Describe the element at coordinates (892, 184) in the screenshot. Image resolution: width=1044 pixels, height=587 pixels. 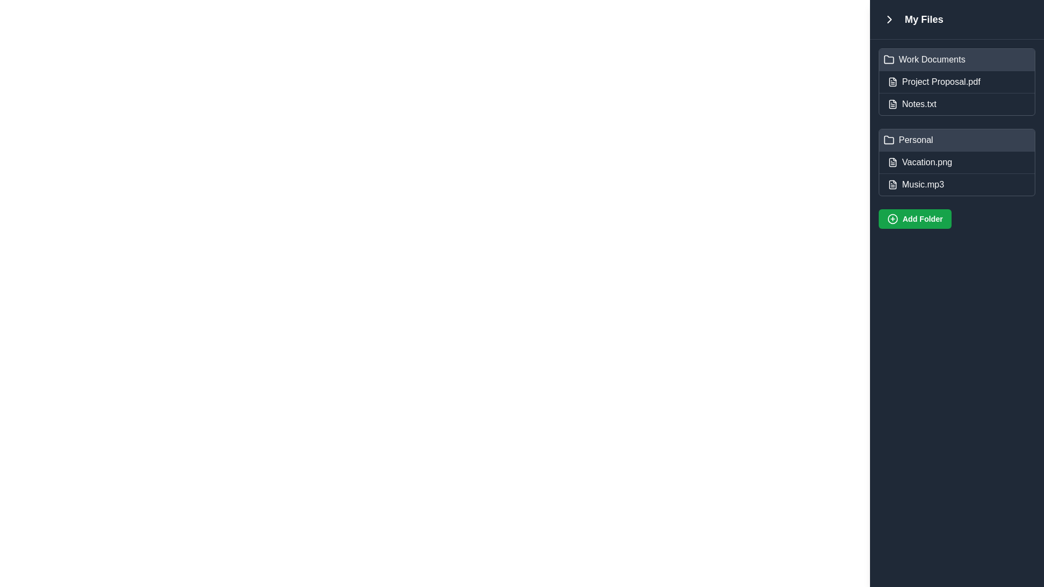
I see `the file type` at that location.